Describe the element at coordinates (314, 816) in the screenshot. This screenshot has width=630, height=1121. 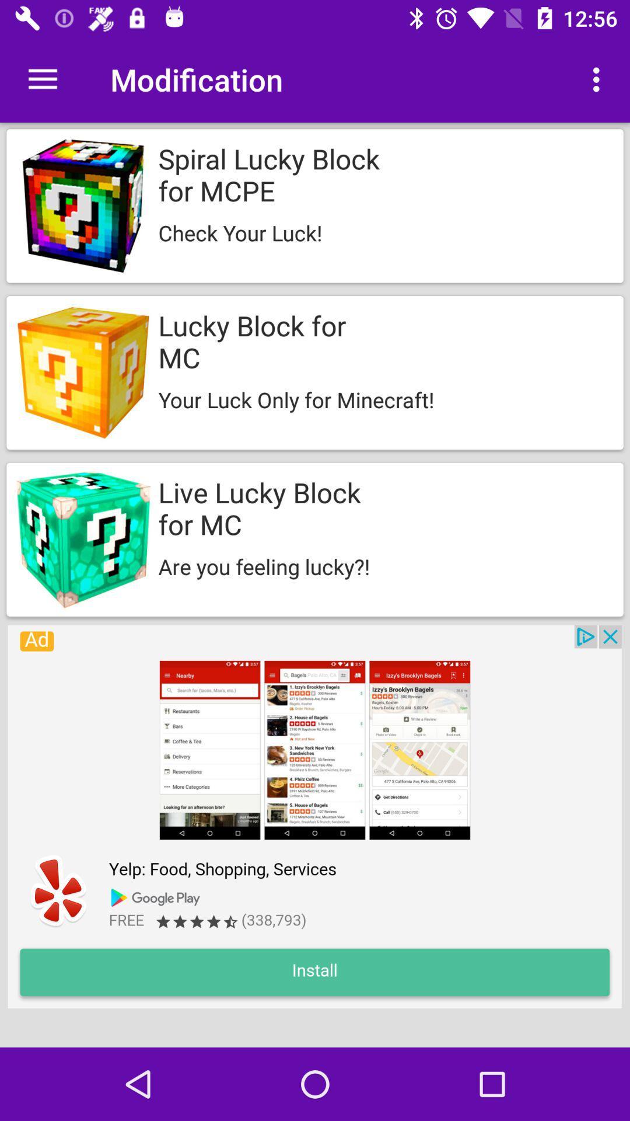
I see `click on advertisement` at that location.